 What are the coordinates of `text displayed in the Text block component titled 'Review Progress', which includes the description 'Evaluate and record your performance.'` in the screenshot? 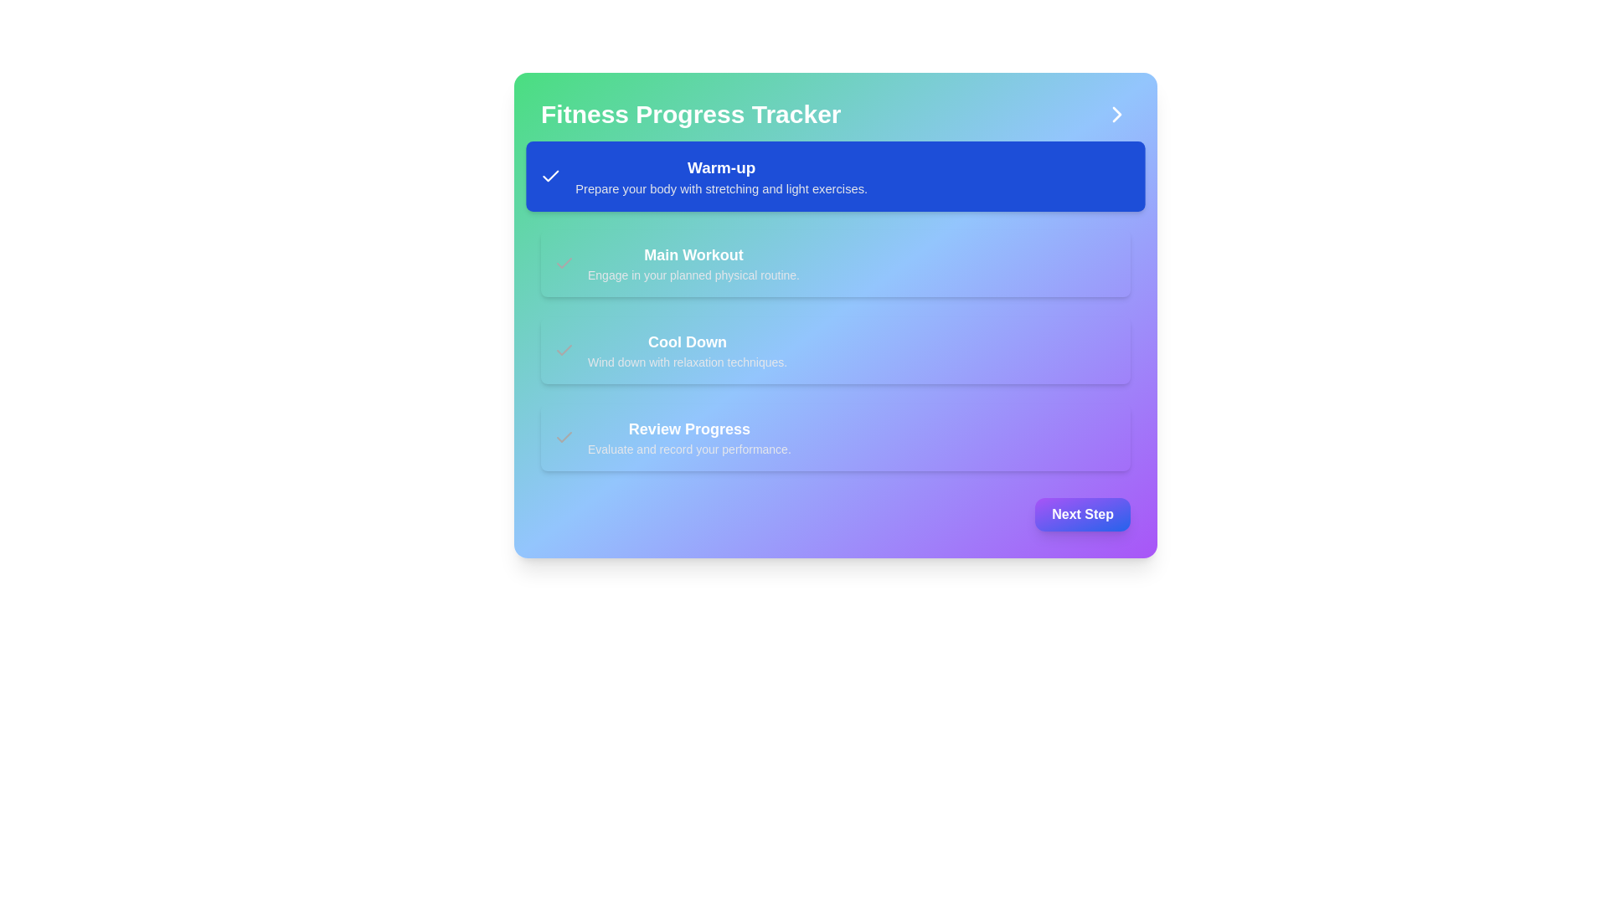 It's located at (689, 437).